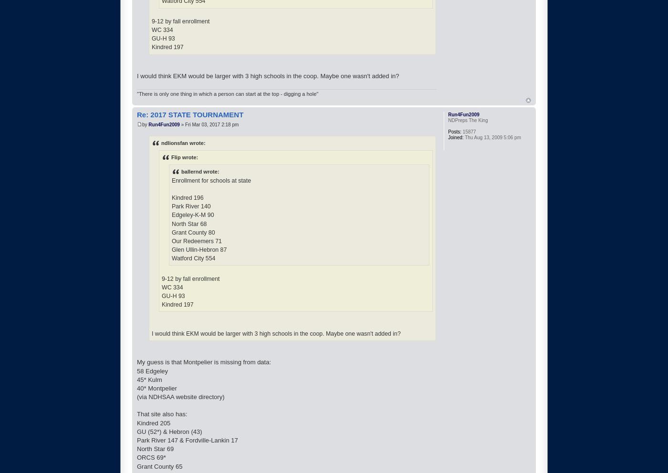  Describe the element at coordinates (159, 466) in the screenshot. I see `'Grant County 65'` at that location.